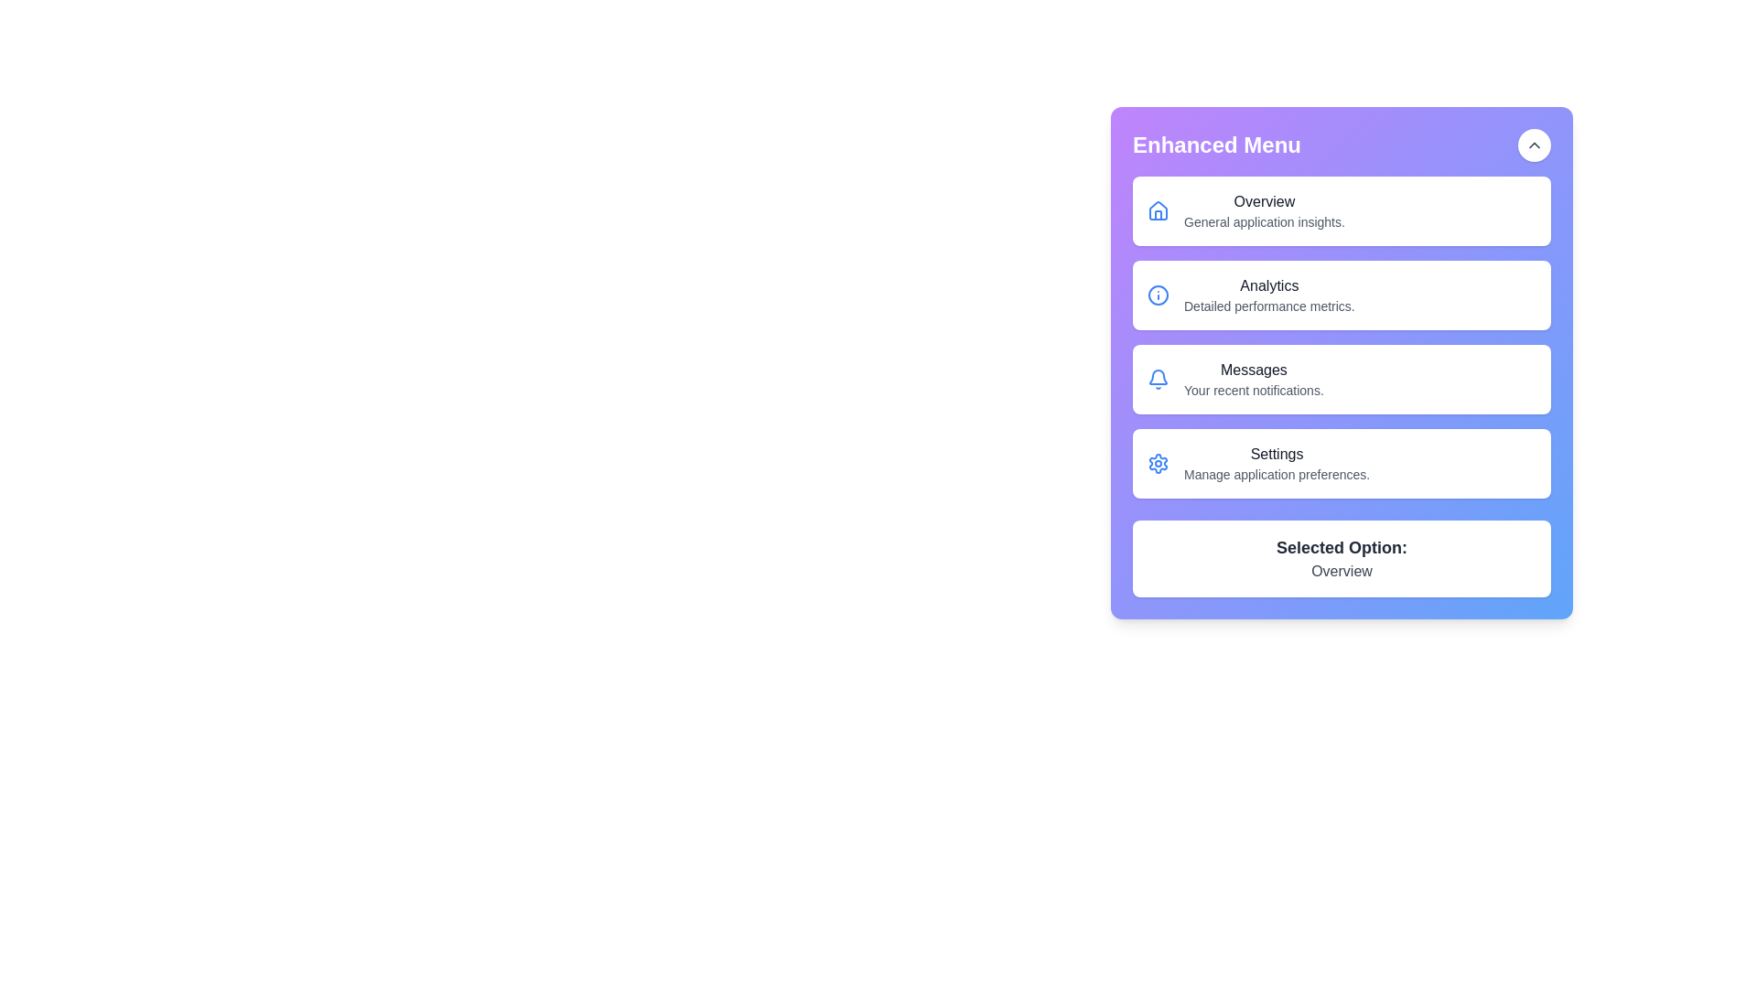 This screenshot has height=988, width=1757. What do you see at coordinates (1158, 462) in the screenshot?
I see `the settings icon located in the vertical menu layout, which is the leftmost element in the fourth interactive row and is positioned to the left of the text 'Settings'` at bounding box center [1158, 462].